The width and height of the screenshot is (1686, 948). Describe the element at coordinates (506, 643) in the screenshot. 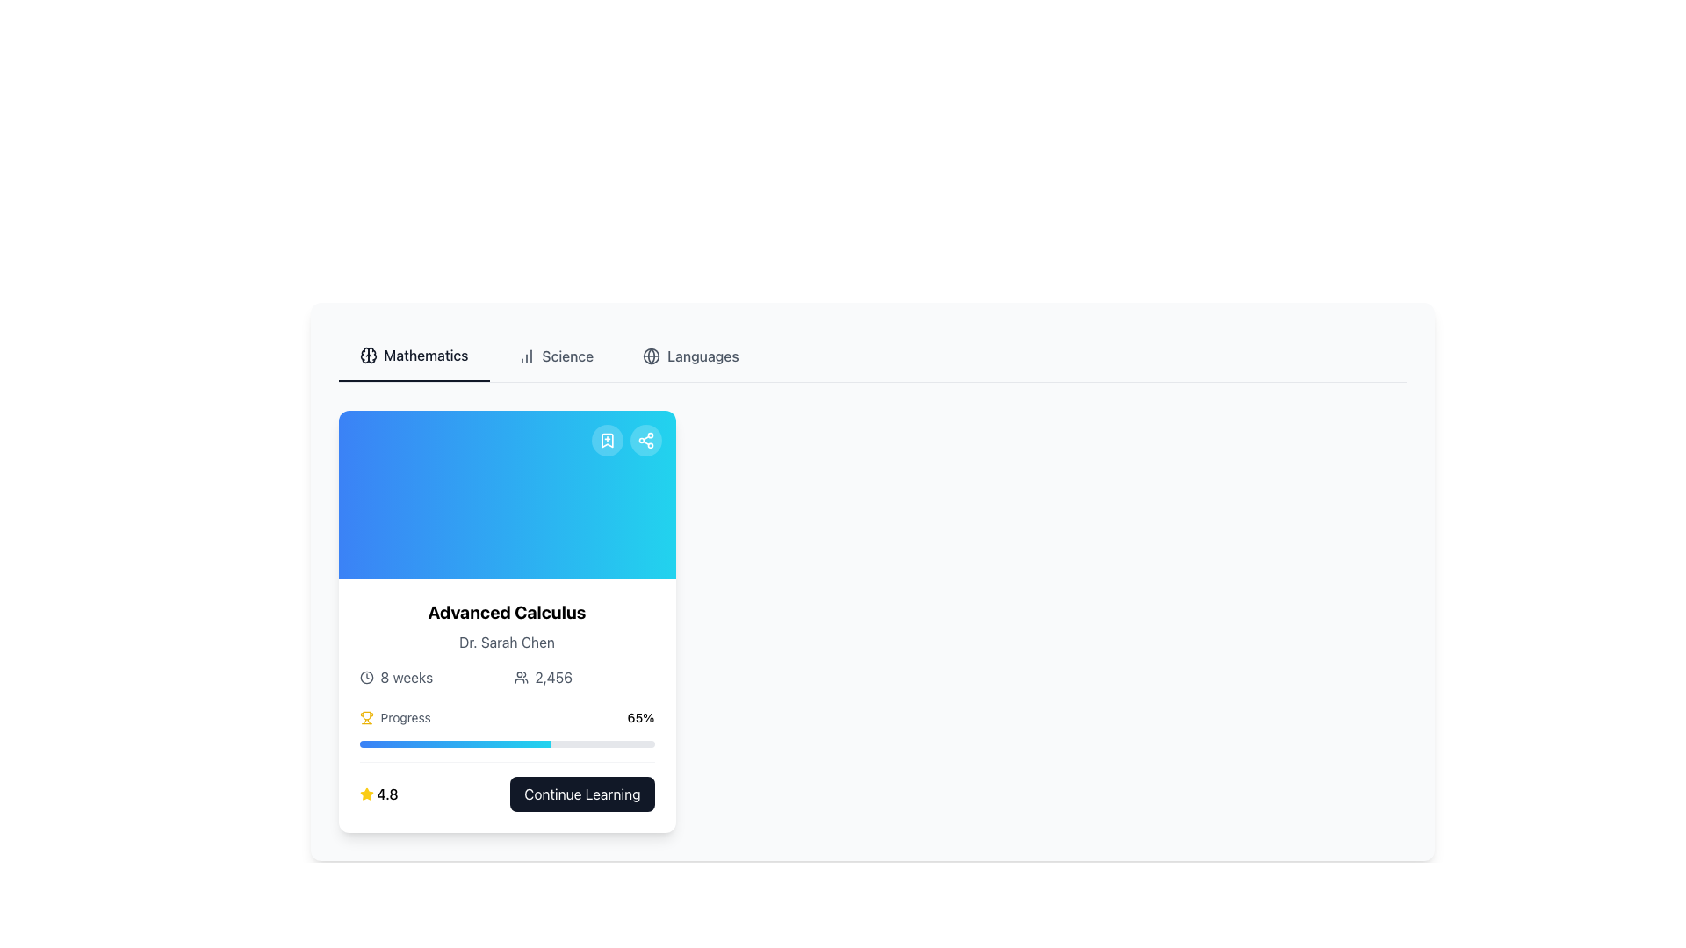

I see `the instructor label text that provides supporting information for the course content, located below 'Advanced Calculus' and above '8 weeks'` at that location.